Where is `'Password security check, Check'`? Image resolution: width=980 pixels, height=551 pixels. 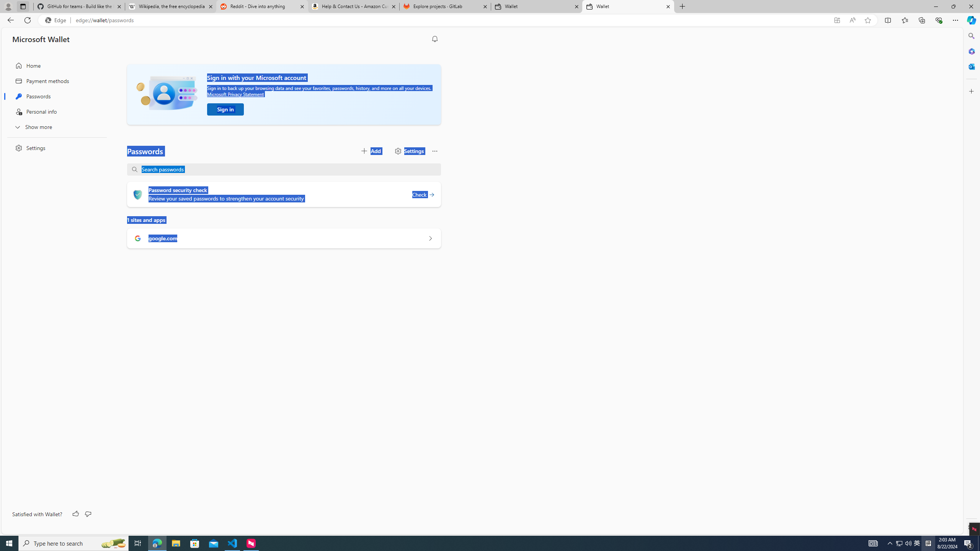 'Password security check, Check' is located at coordinates (423, 194).